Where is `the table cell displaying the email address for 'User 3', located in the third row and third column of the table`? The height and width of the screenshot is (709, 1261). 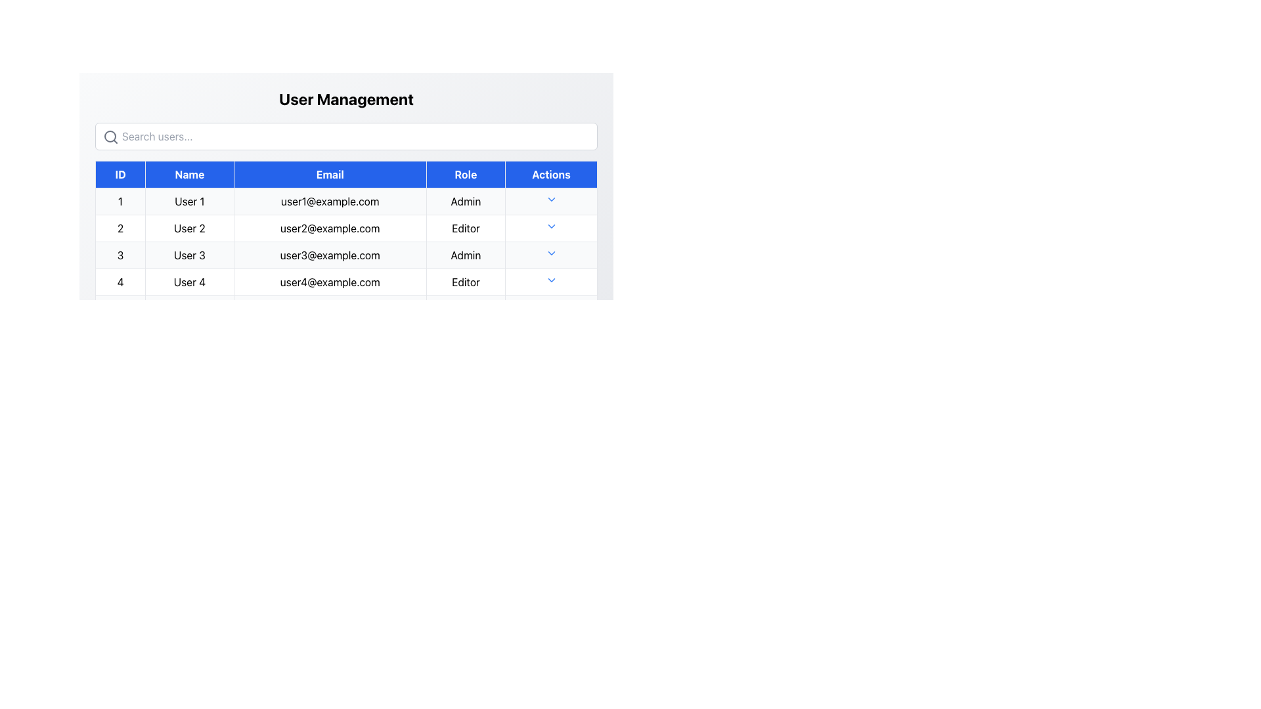
the table cell displaying the email address for 'User 3', located in the third row and third column of the table is located at coordinates (330, 255).